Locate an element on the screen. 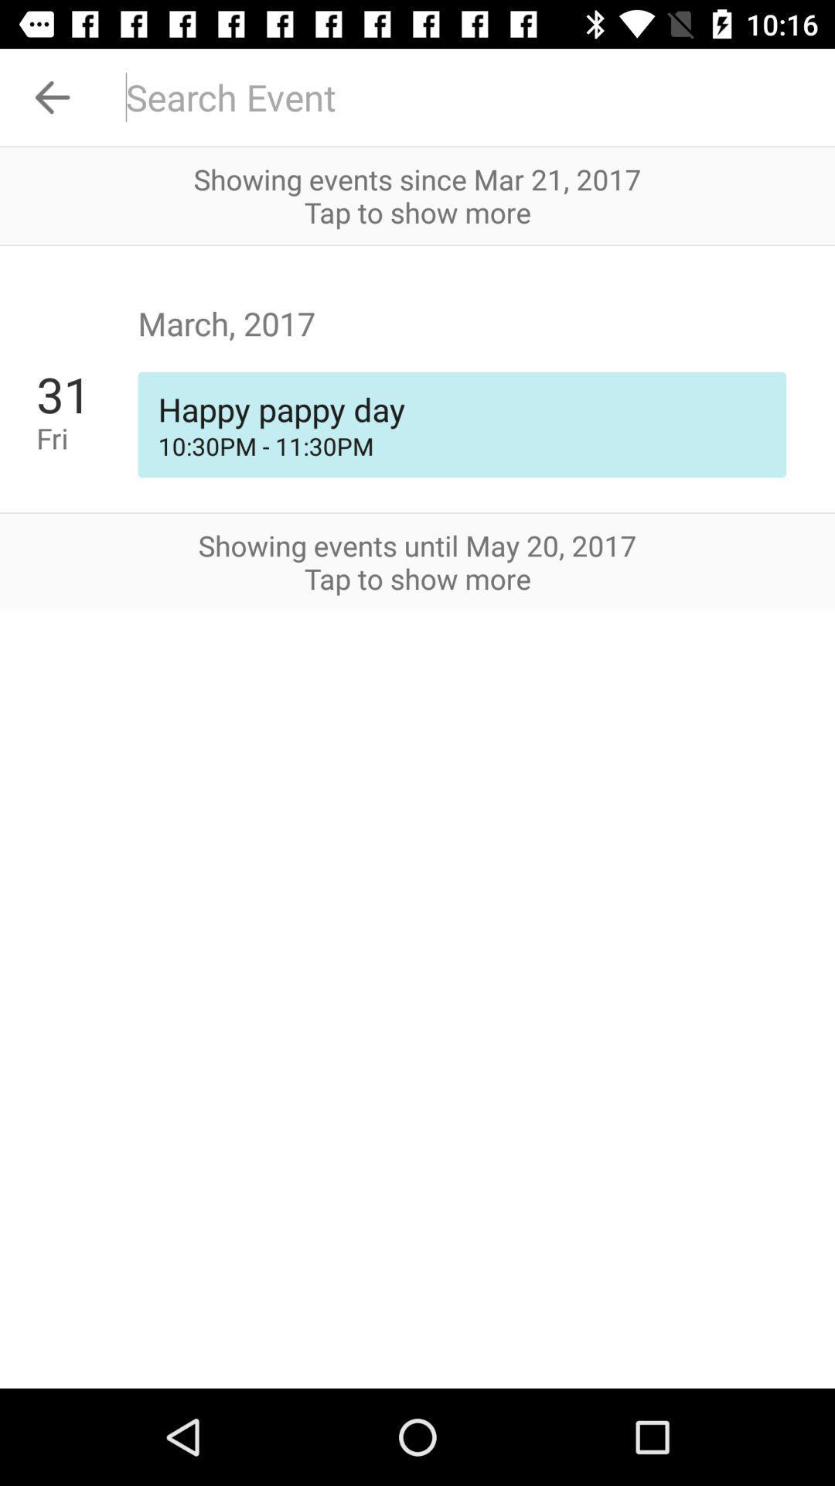 This screenshot has height=1486, width=835. icon above 10 30pm 11 icon is located at coordinates (461, 409).